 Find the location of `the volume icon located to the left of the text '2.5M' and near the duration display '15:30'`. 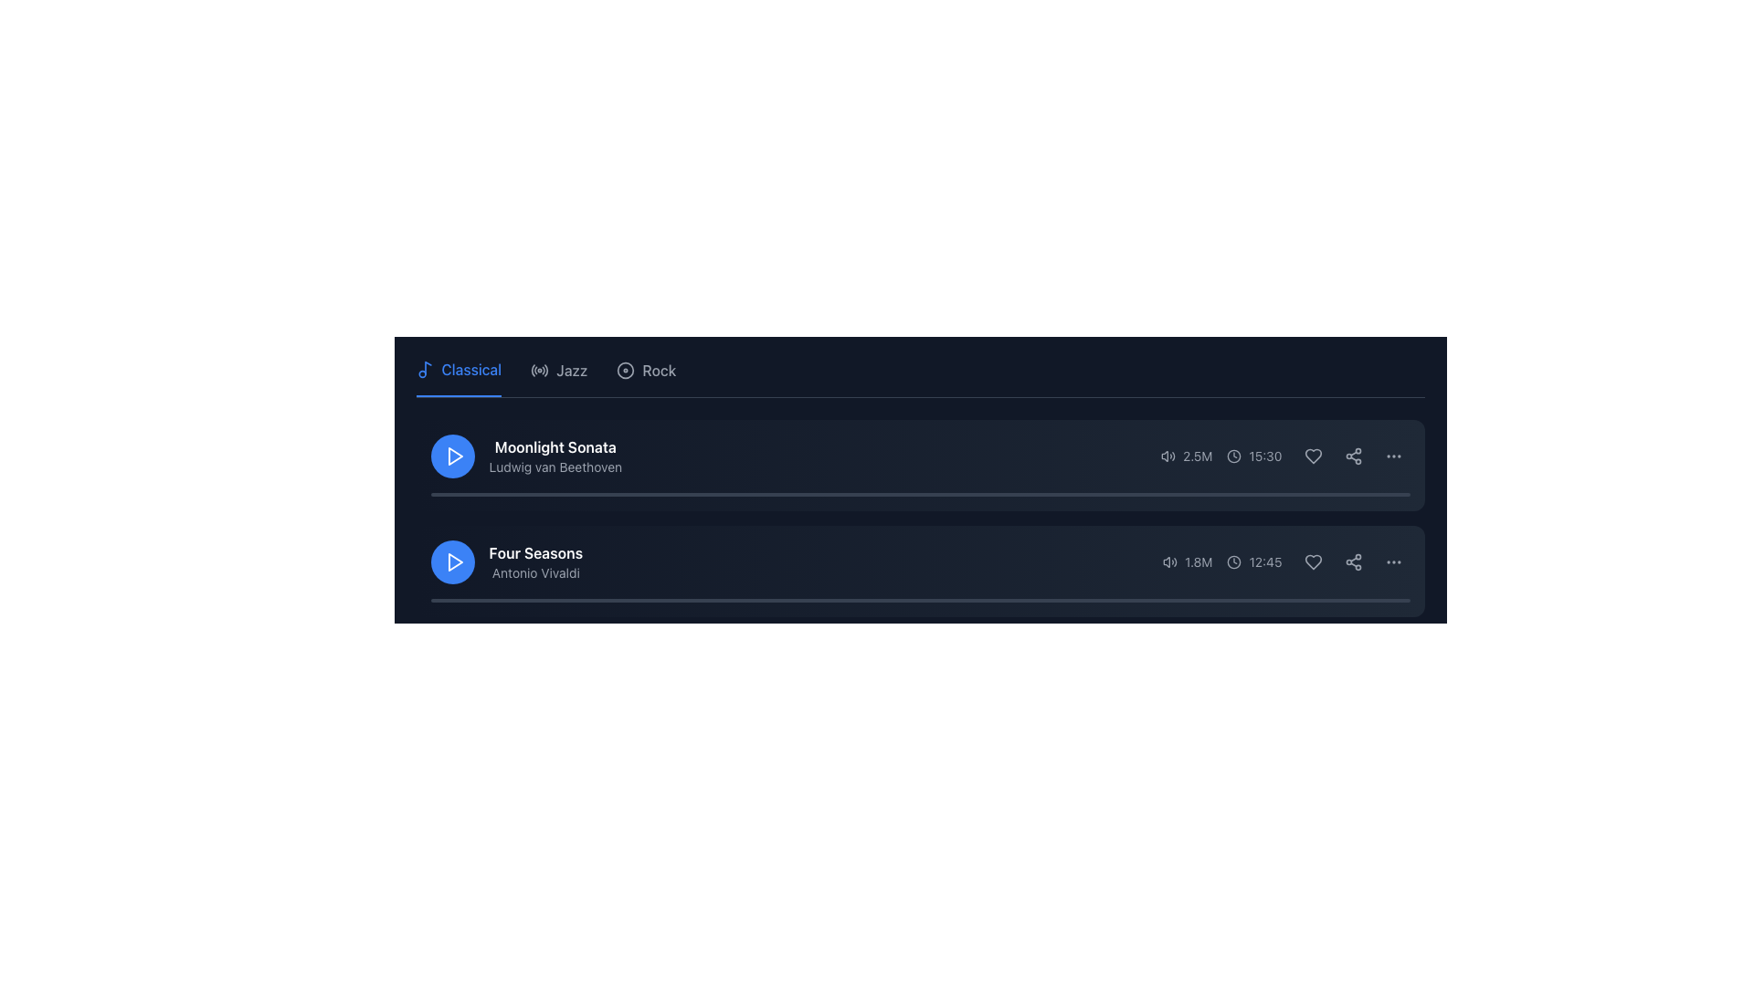

the volume icon located to the left of the text '2.5M' and near the duration display '15:30' is located at coordinates (1168, 456).